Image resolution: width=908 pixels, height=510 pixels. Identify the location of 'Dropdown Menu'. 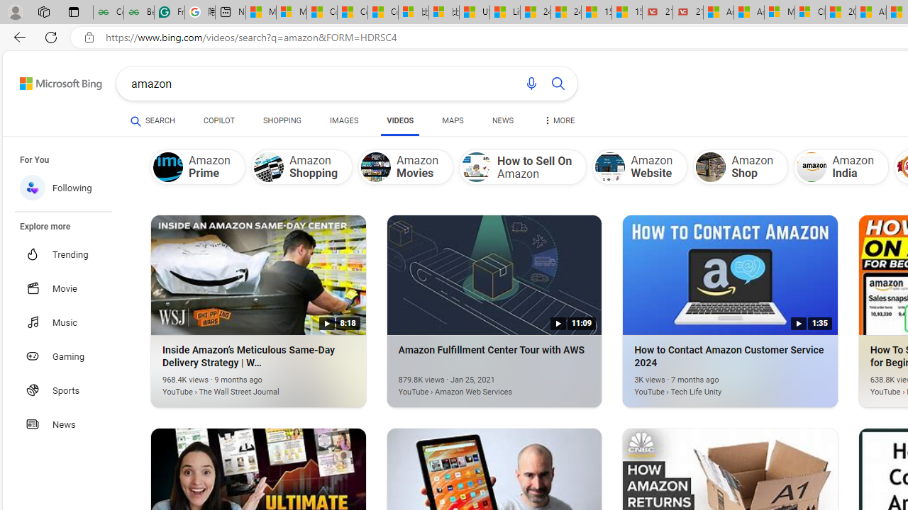
(558, 120).